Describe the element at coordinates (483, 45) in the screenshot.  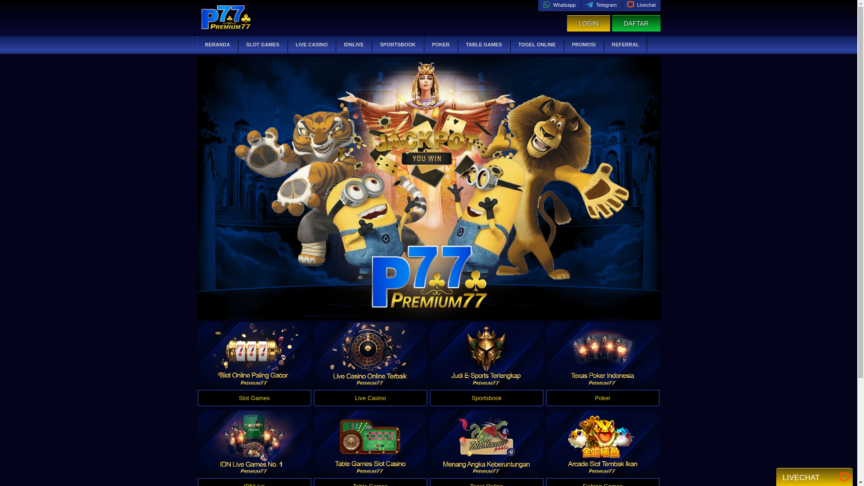
I see `'TABLE GAMES'` at that location.